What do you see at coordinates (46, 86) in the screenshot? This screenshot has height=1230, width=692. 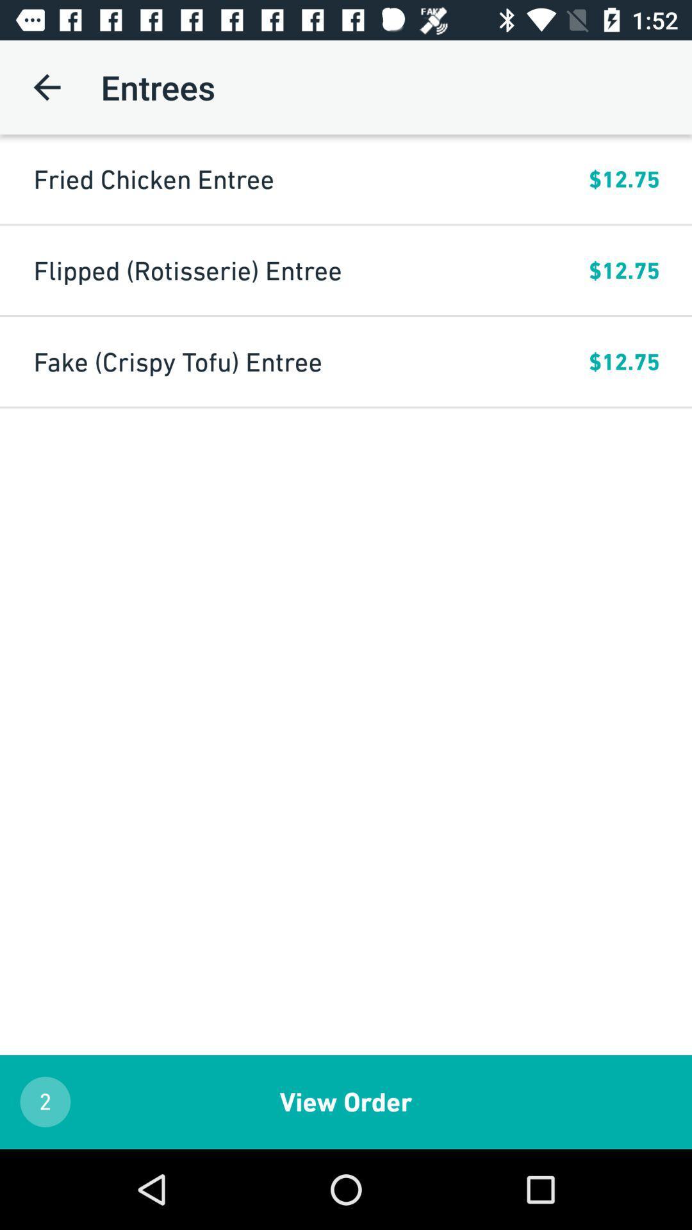 I see `the icon to the left of the entrees icon` at bounding box center [46, 86].